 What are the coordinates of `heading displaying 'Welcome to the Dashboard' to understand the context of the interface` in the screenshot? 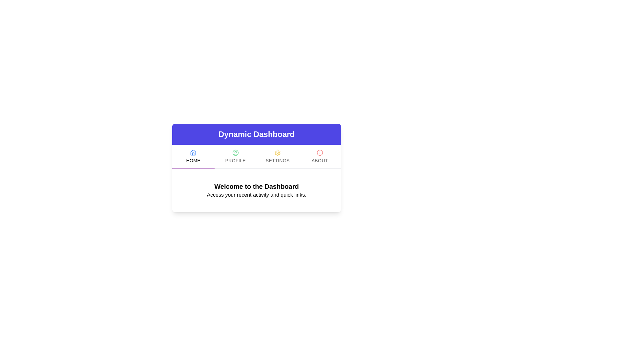 It's located at (256, 187).